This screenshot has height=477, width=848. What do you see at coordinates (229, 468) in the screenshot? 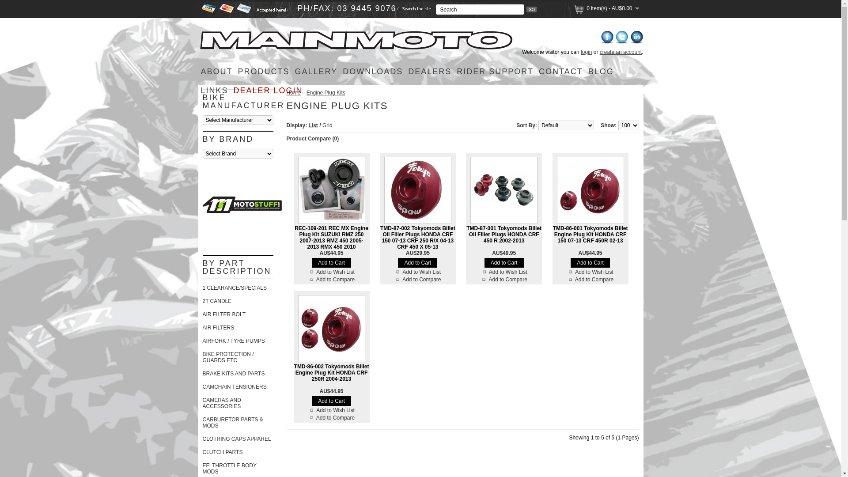
I see `'EFI THROTTLE BODY MODS'` at bounding box center [229, 468].